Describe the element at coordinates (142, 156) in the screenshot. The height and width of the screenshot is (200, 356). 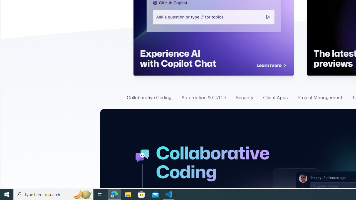
I see `'GitHub Collaboration Icon'` at that location.